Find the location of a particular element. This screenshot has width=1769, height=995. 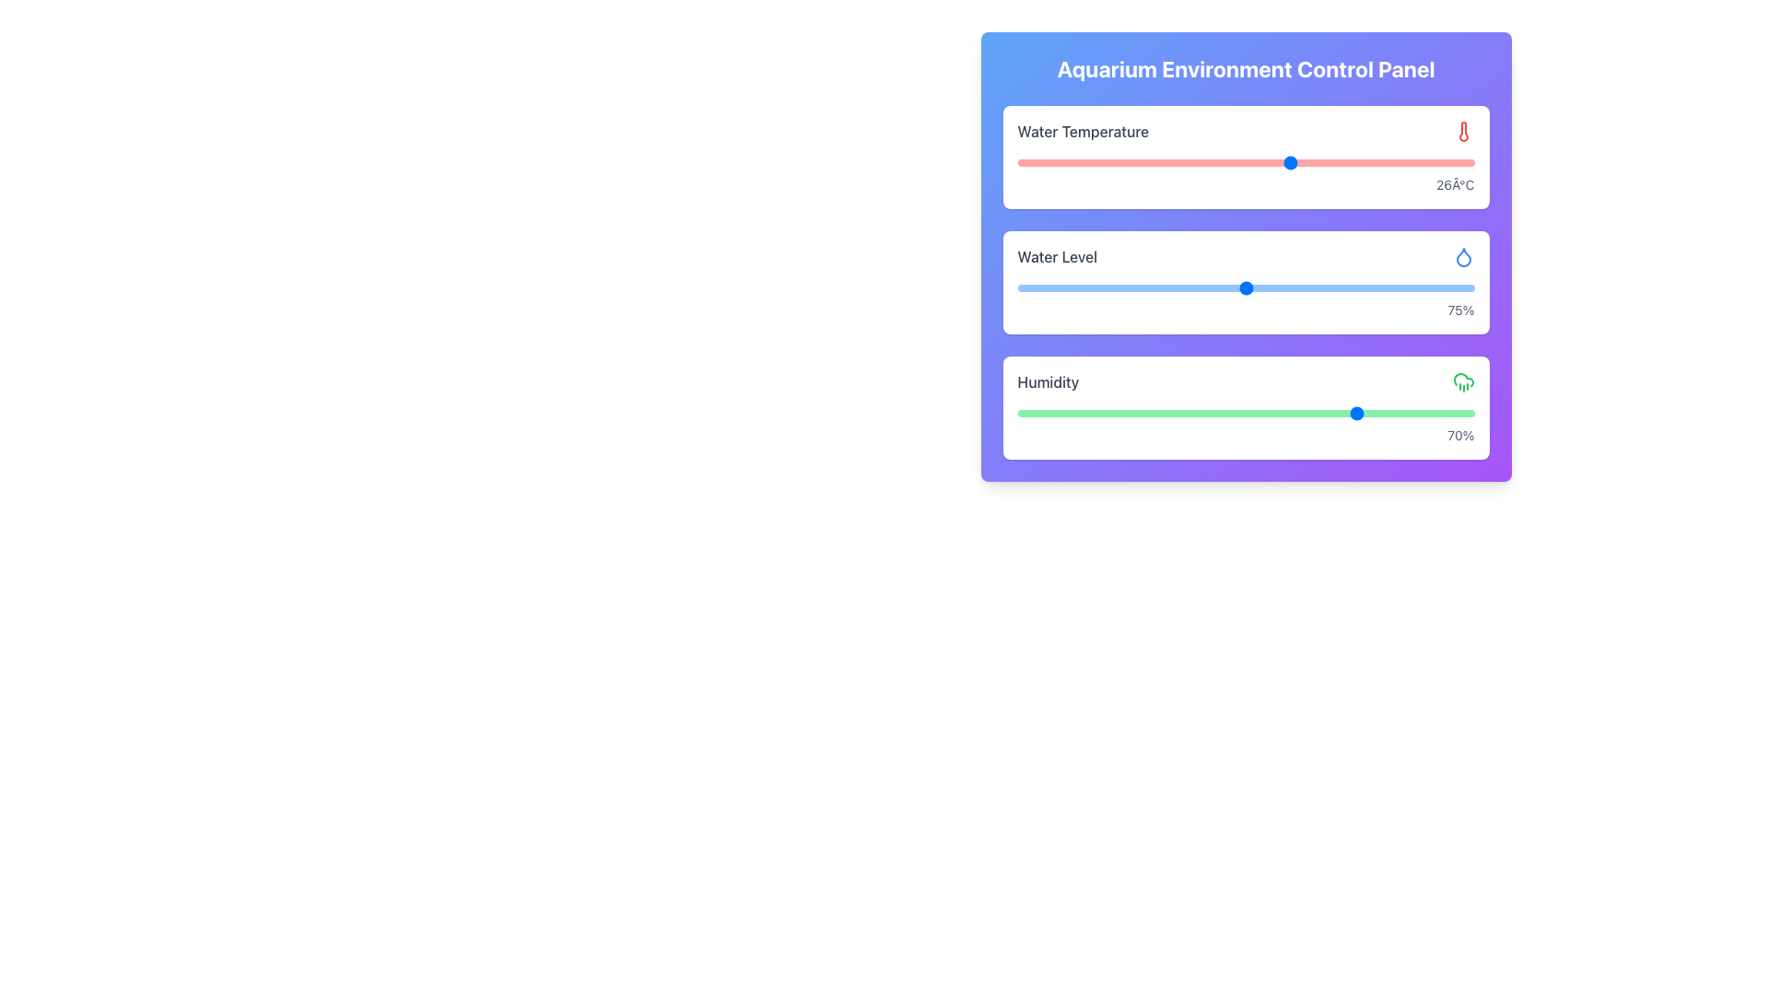

the red thermometer icon representing temperature-related content in the 'Water Temperature' section of the 'Aquarium Environment Control Panel' is located at coordinates (1462, 130).